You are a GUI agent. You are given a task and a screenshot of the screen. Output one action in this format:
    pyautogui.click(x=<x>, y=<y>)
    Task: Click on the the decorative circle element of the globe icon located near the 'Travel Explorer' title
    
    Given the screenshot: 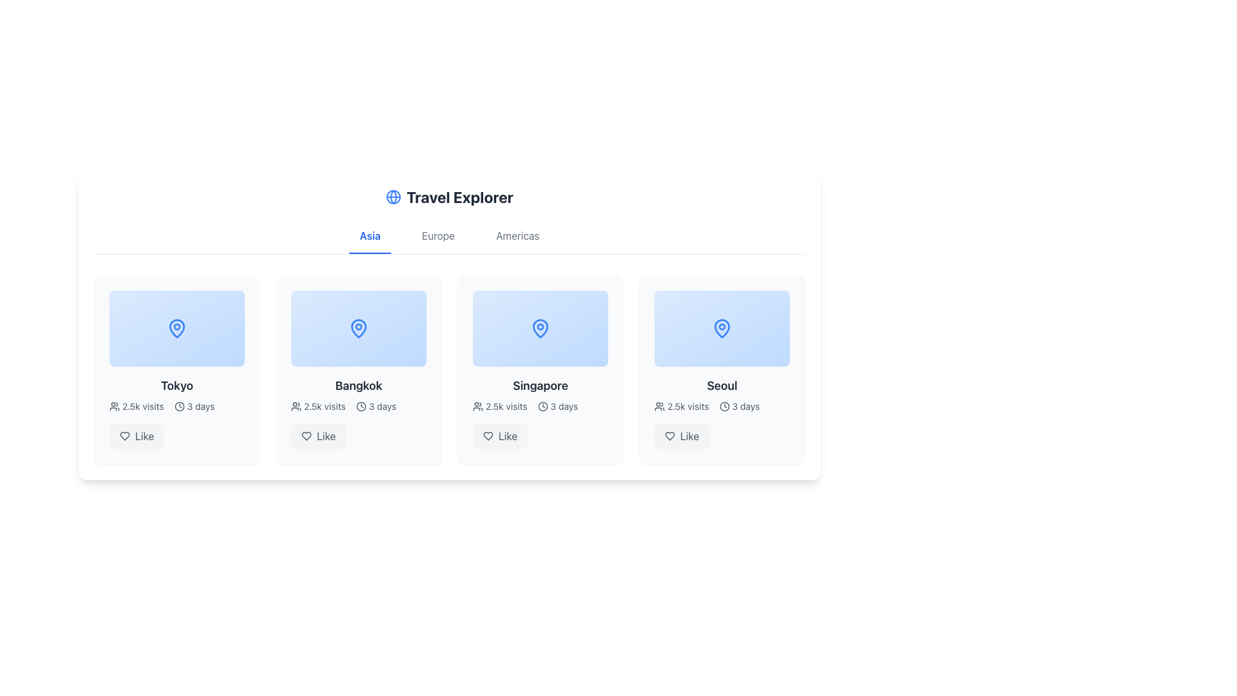 What is the action you would take?
    pyautogui.click(x=393, y=197)
    